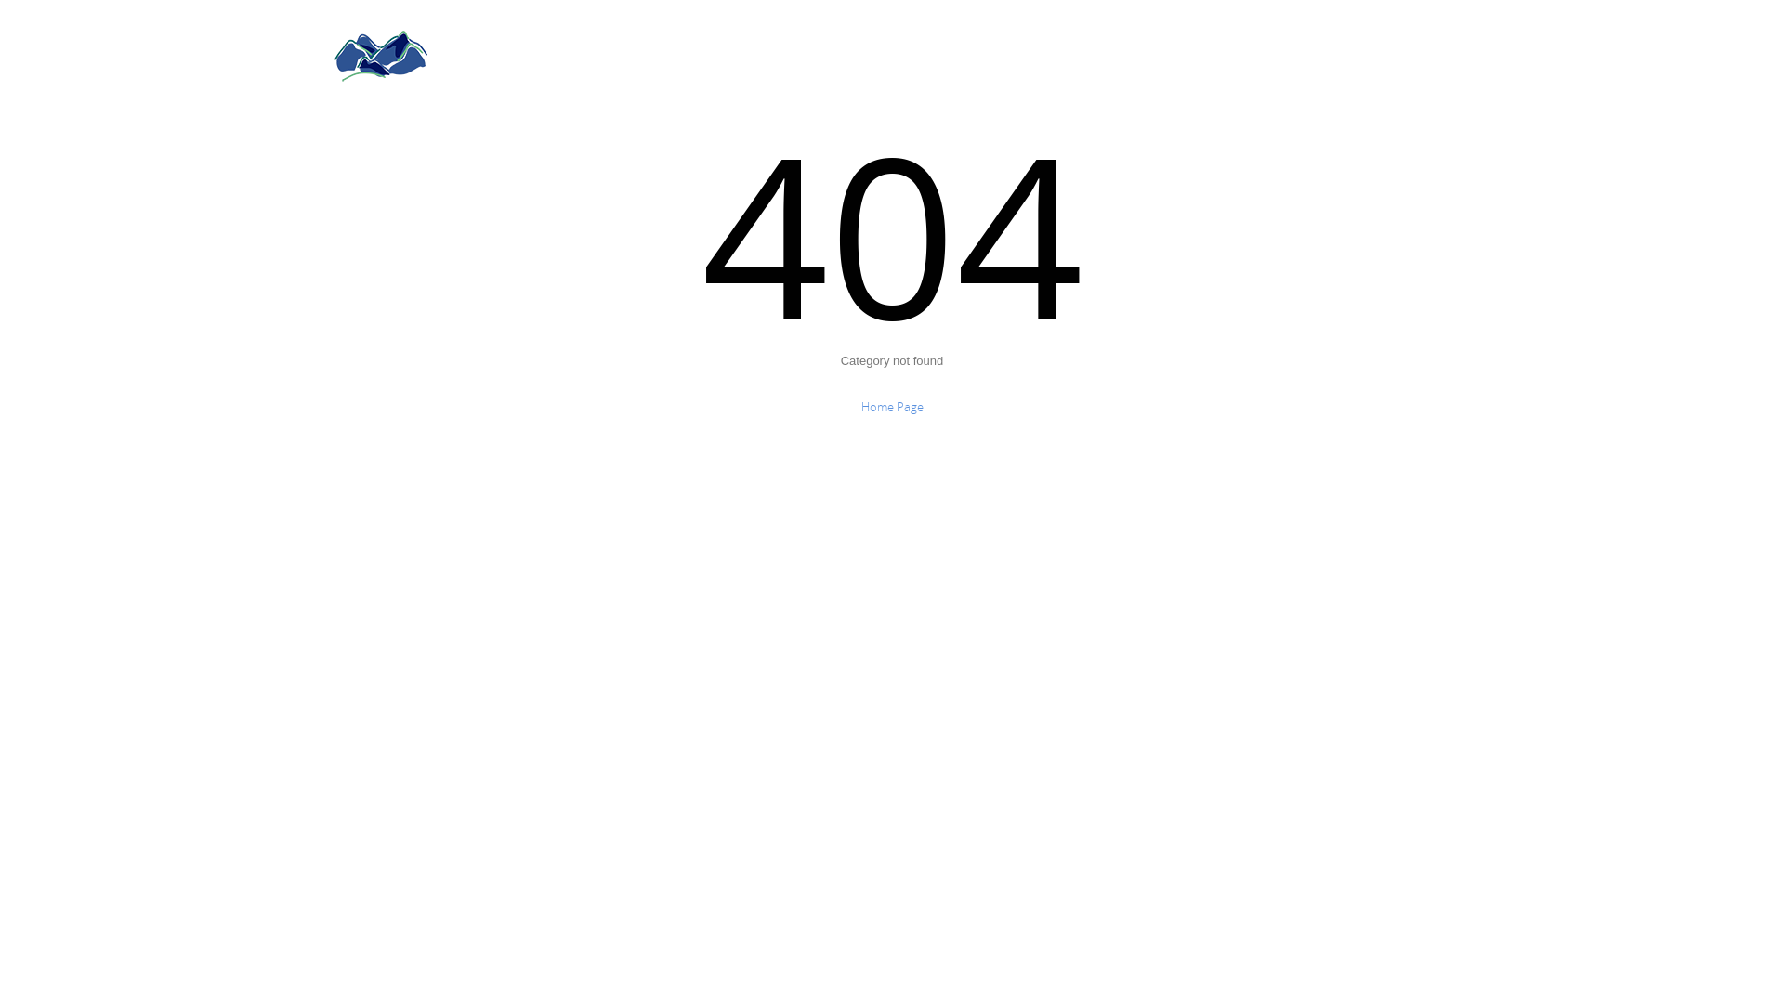  Describe the element at coordinates (890, 406) in the screenshot. I see `'Home Page'` at that location.